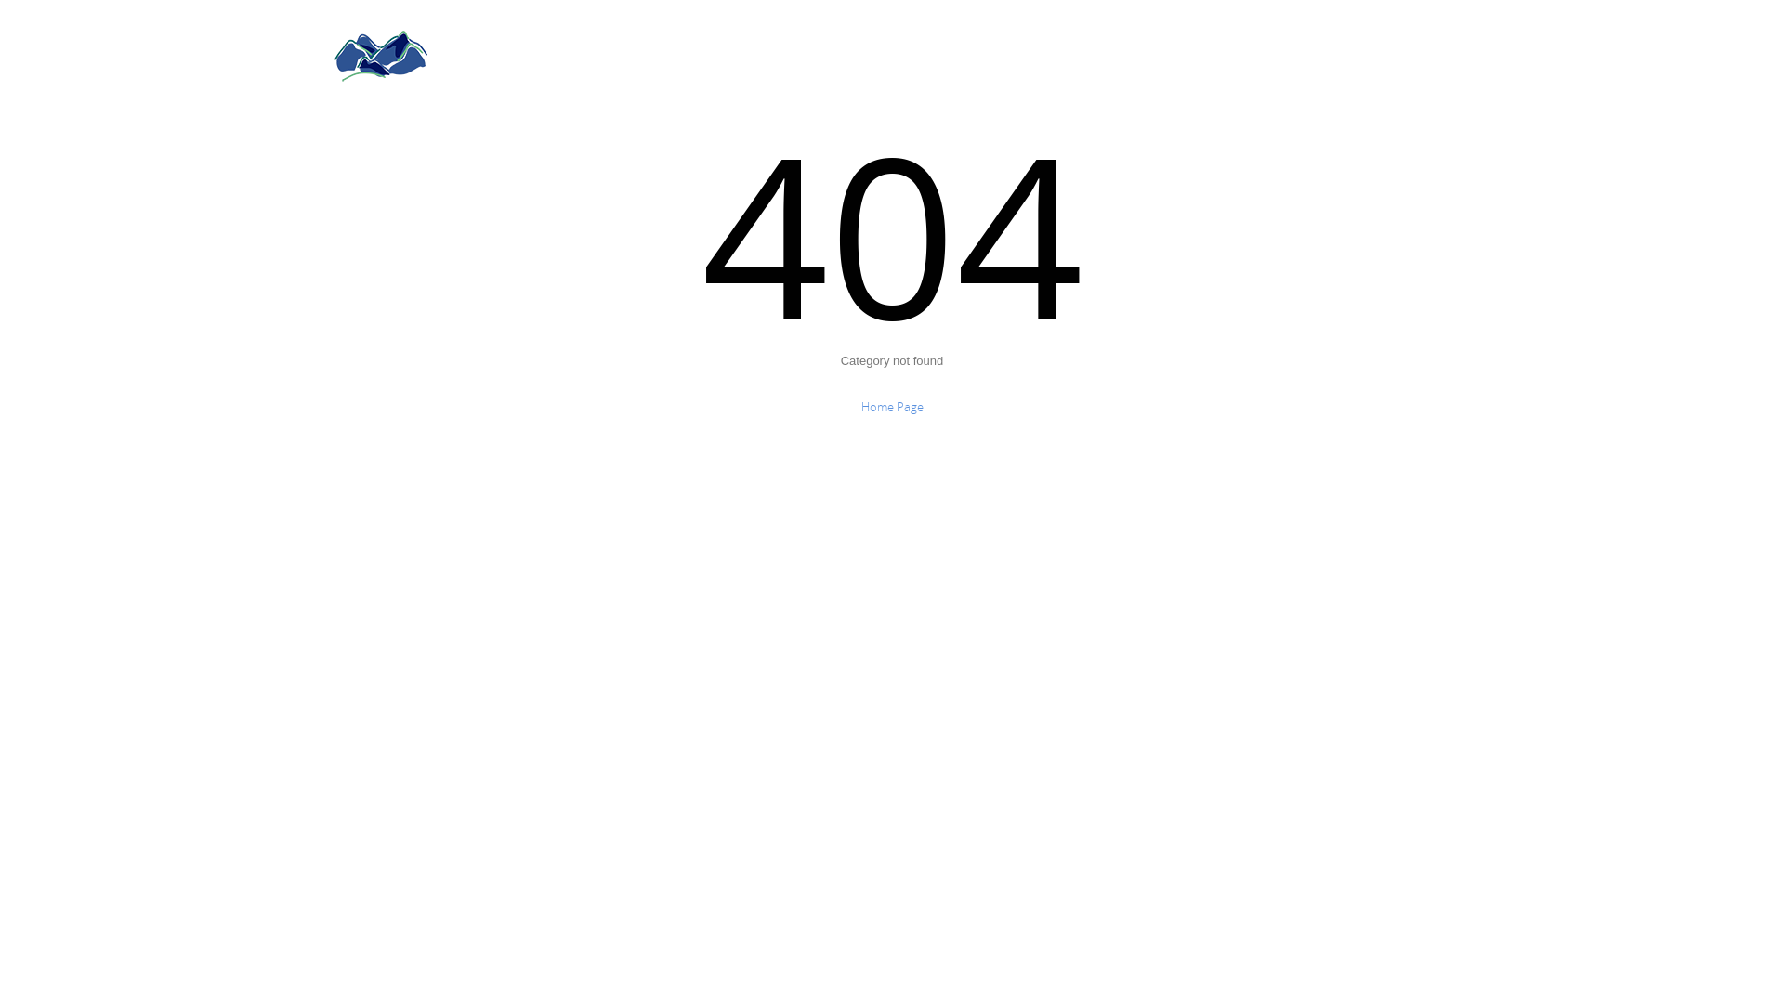  Describe the element at coordinates (890, 406) in the screenshot. I see `'Home Page'` at that location.